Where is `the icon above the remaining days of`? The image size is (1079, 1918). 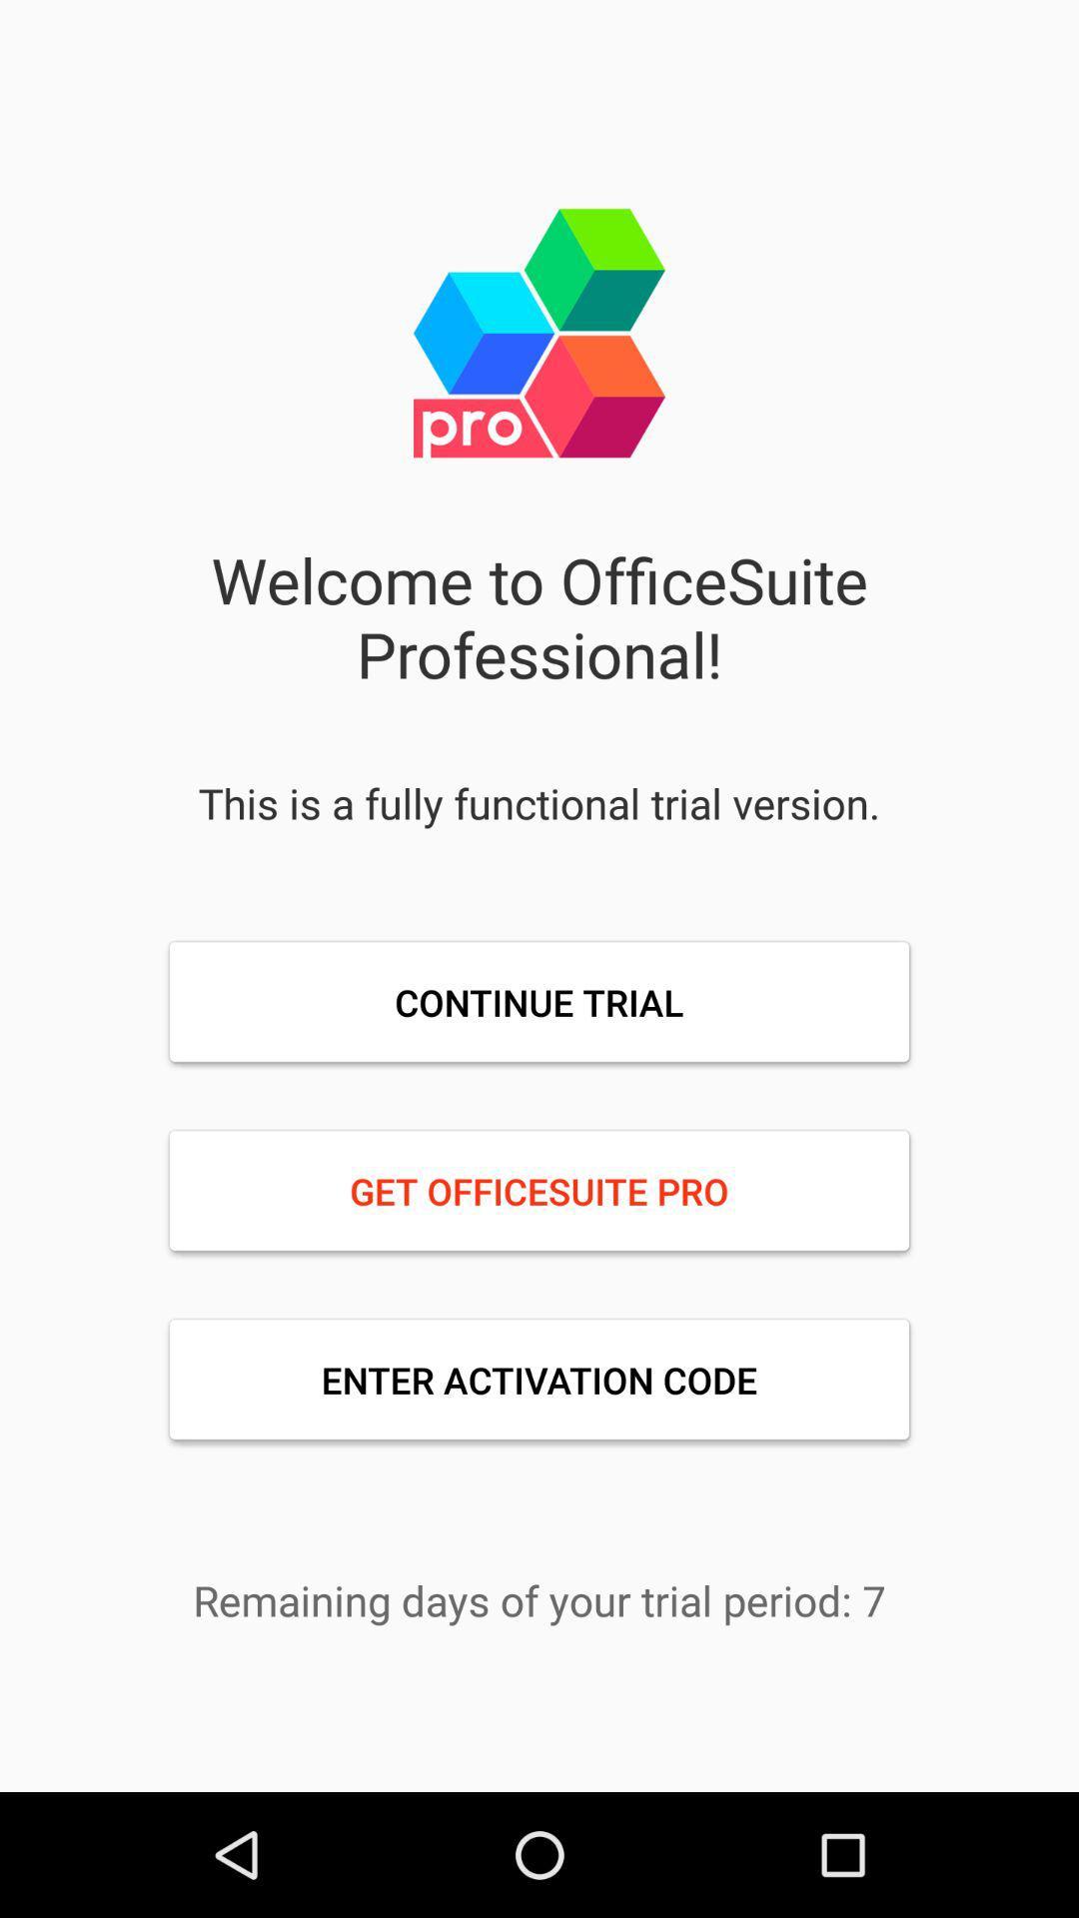 the icon above the remaining days of is located at coordinates (539, 1379).